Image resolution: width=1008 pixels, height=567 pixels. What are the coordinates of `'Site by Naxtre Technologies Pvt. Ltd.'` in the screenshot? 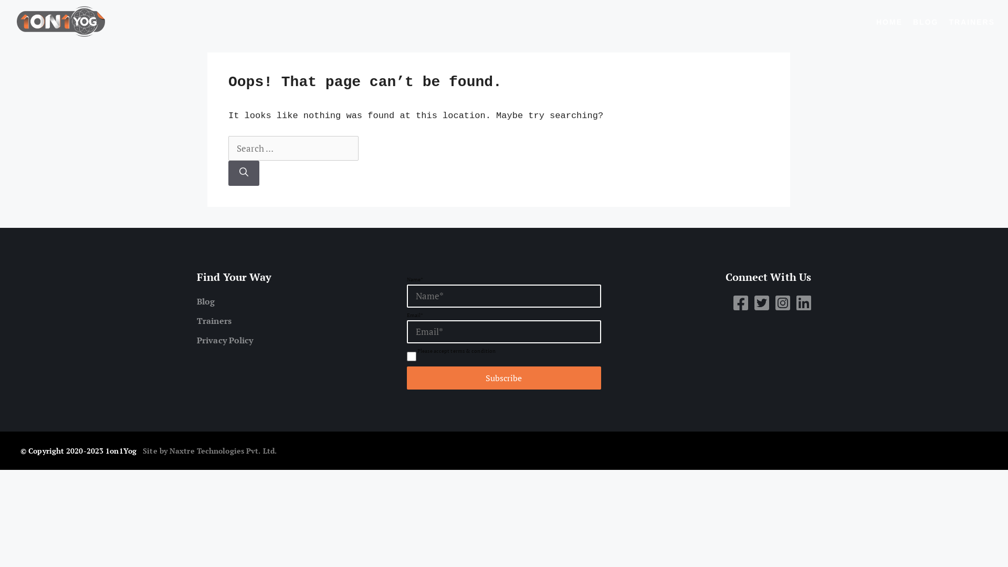 It's located at (209, 450).